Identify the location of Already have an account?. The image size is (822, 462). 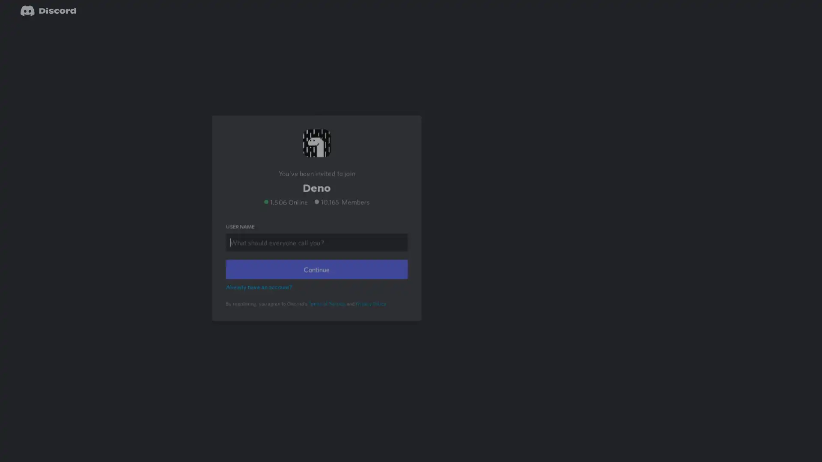
(260, 298).